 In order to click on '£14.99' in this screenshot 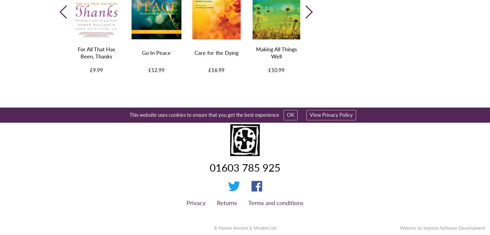, I will do `click(336, 69)`.